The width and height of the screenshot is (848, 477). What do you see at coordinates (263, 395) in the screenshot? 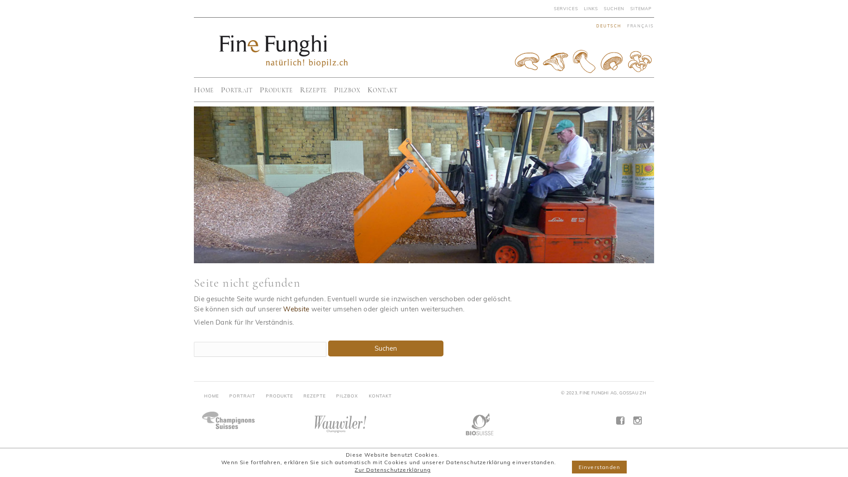
I see `'PRODUKTE'` at bounding box center [263, 395].